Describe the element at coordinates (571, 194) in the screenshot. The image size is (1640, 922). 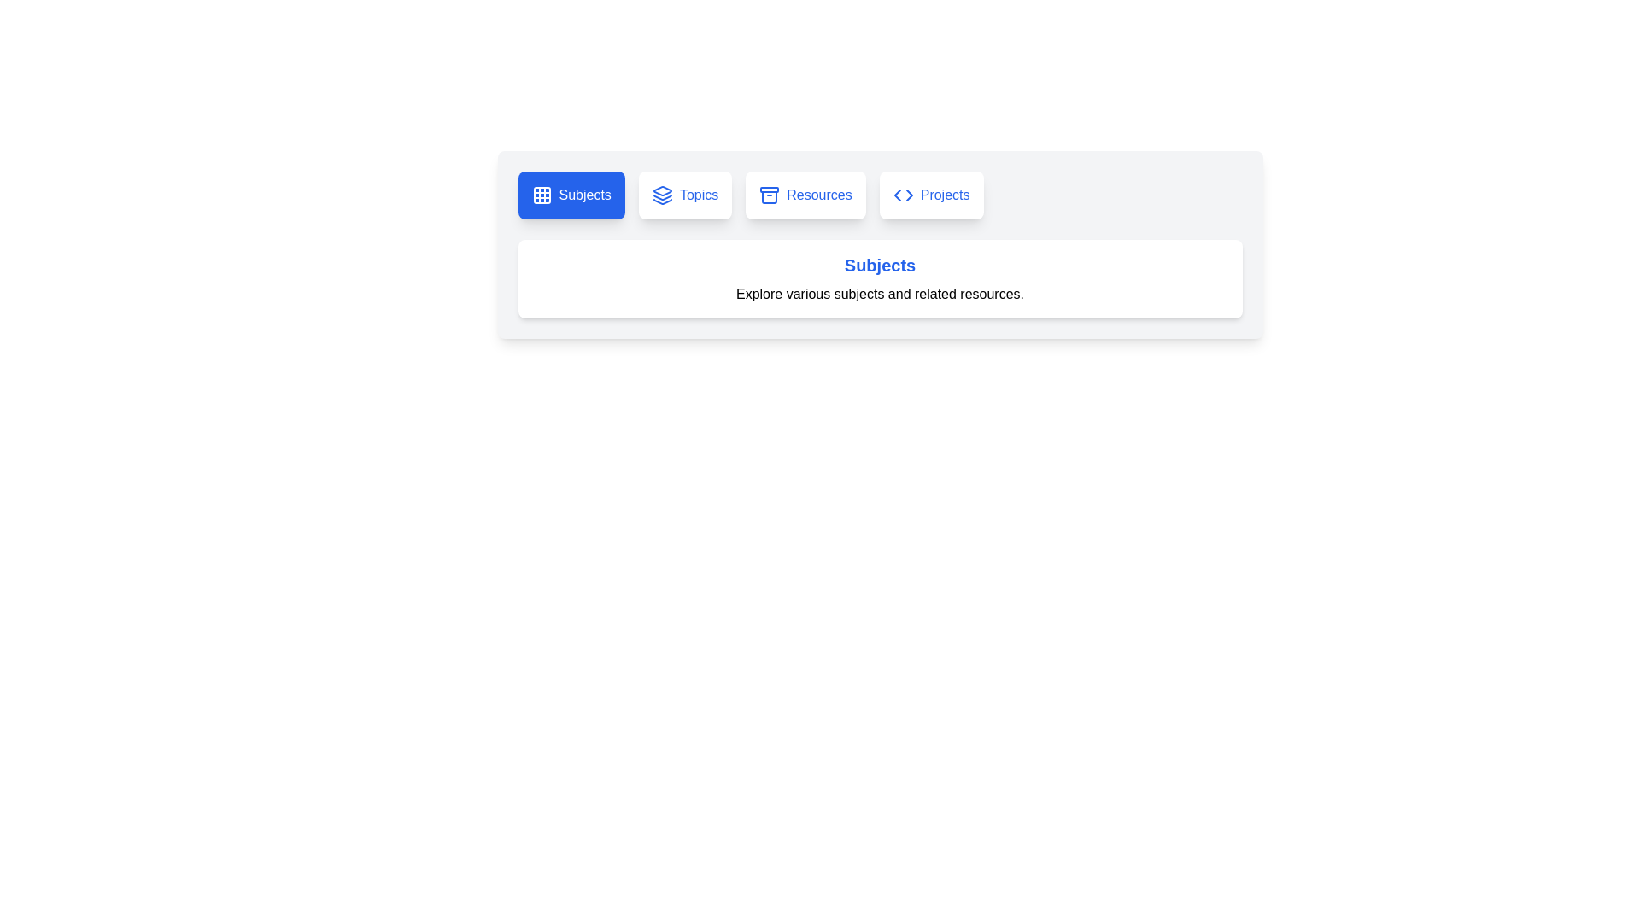
I see `the tab labeled Subjects to activate it and view its content` at that location.